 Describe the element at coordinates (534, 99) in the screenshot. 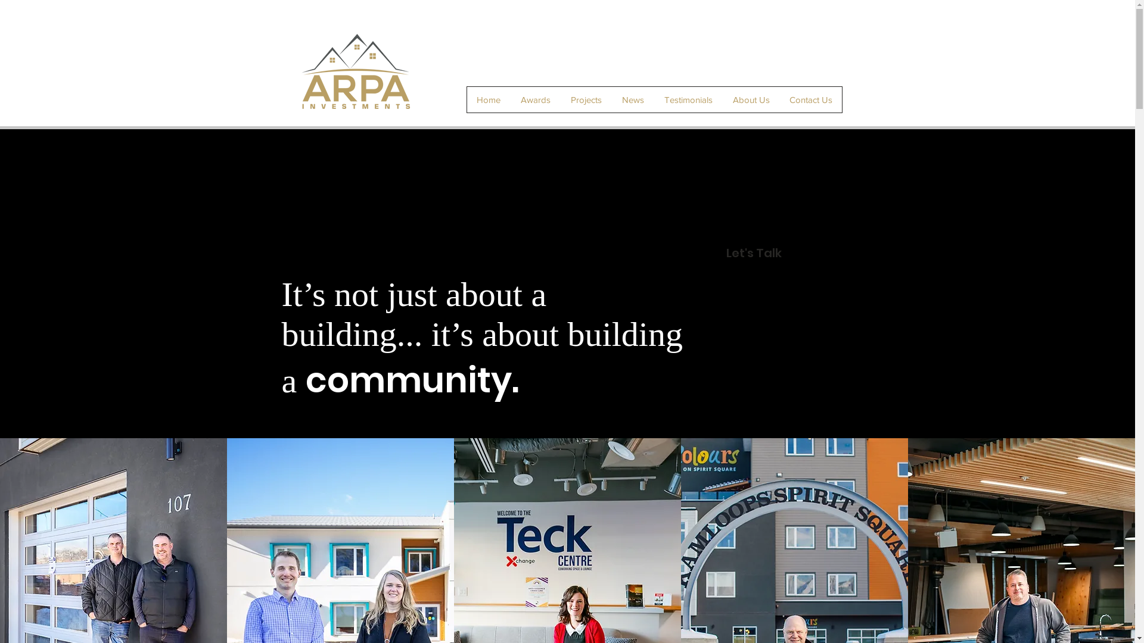

I see `'Awards'` at that location.